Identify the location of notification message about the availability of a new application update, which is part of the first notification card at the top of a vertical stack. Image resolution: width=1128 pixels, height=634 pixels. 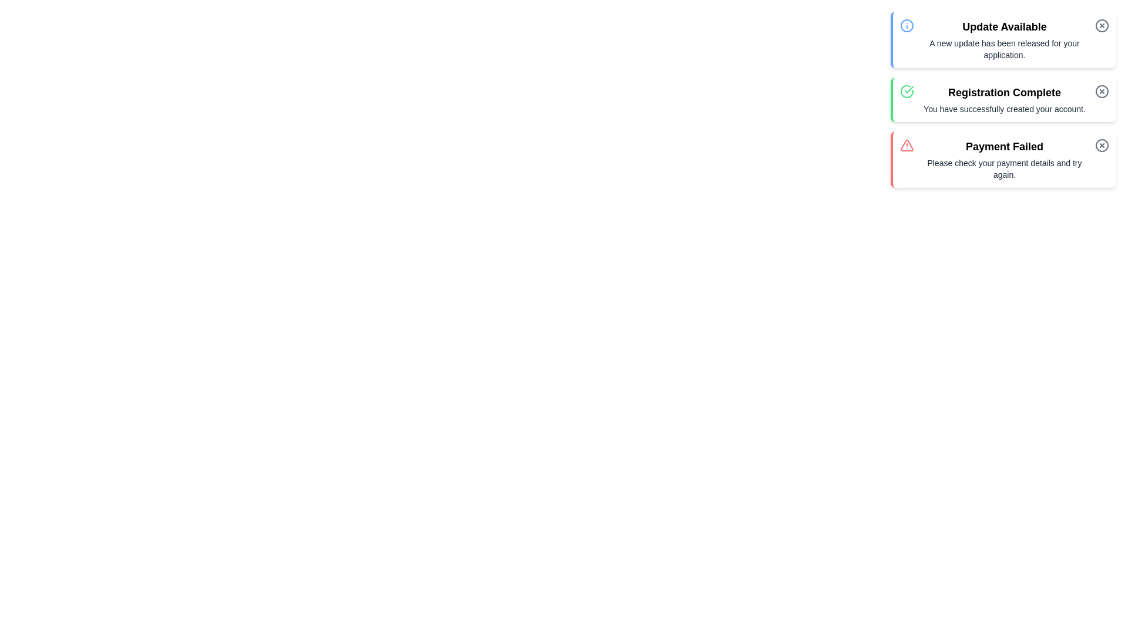
(1003, 39).